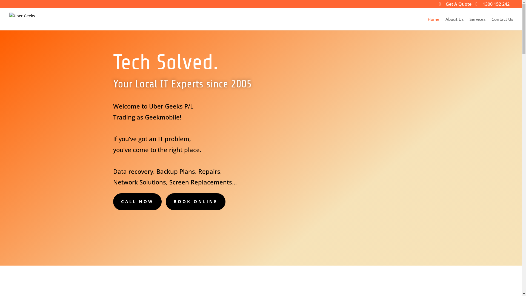 Image resolution: width=526 pixels, height=296 pixels. What do you see at coordinates (433, 23) in the screenshot?
I see `'Home'` at bounding box center [433, 23].